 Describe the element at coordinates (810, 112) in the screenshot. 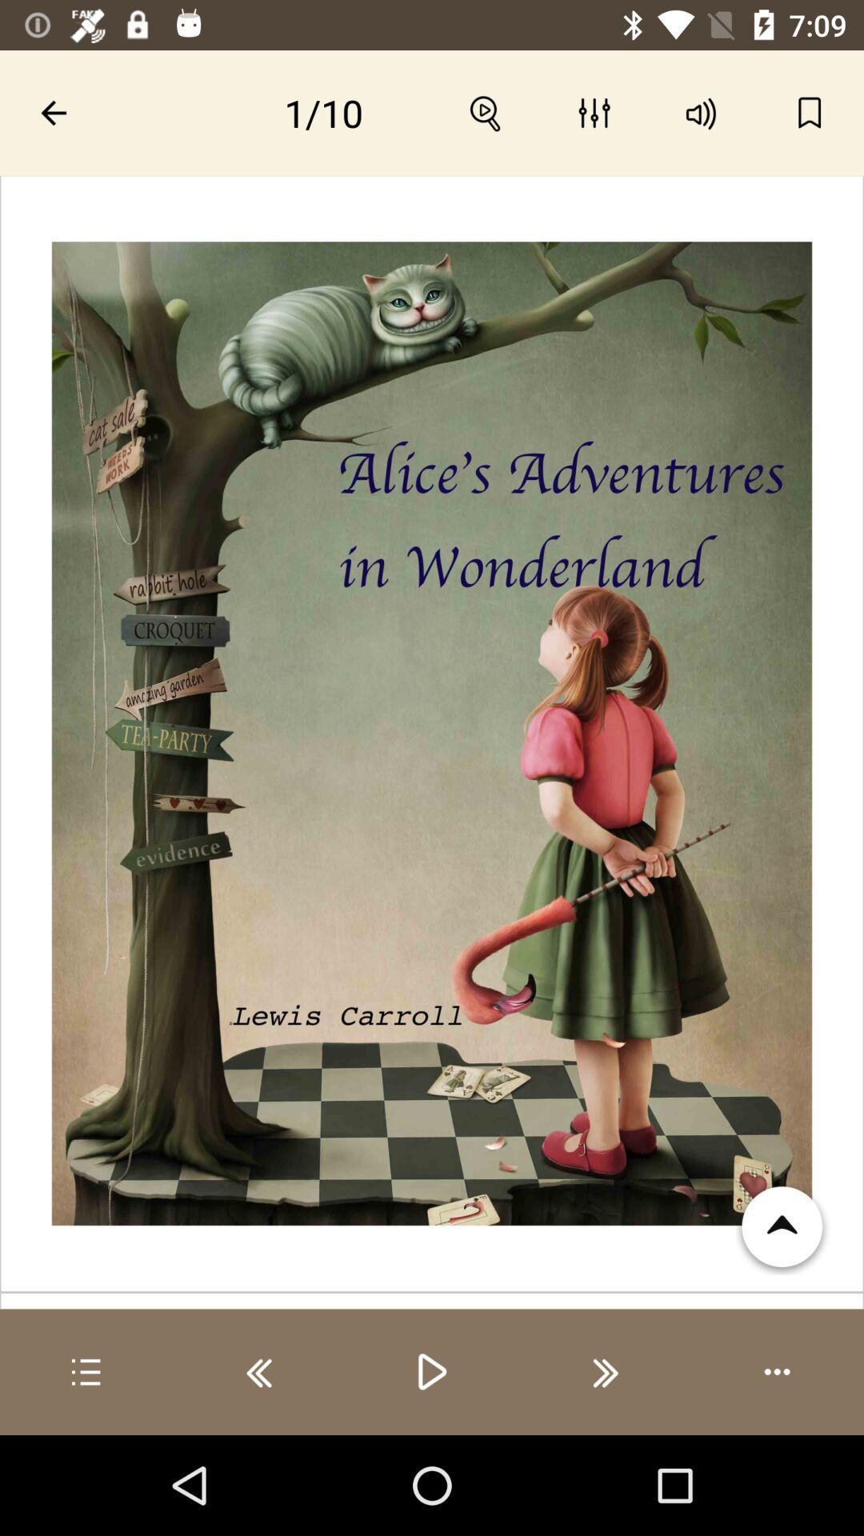

I see `bookmark option` at that location.